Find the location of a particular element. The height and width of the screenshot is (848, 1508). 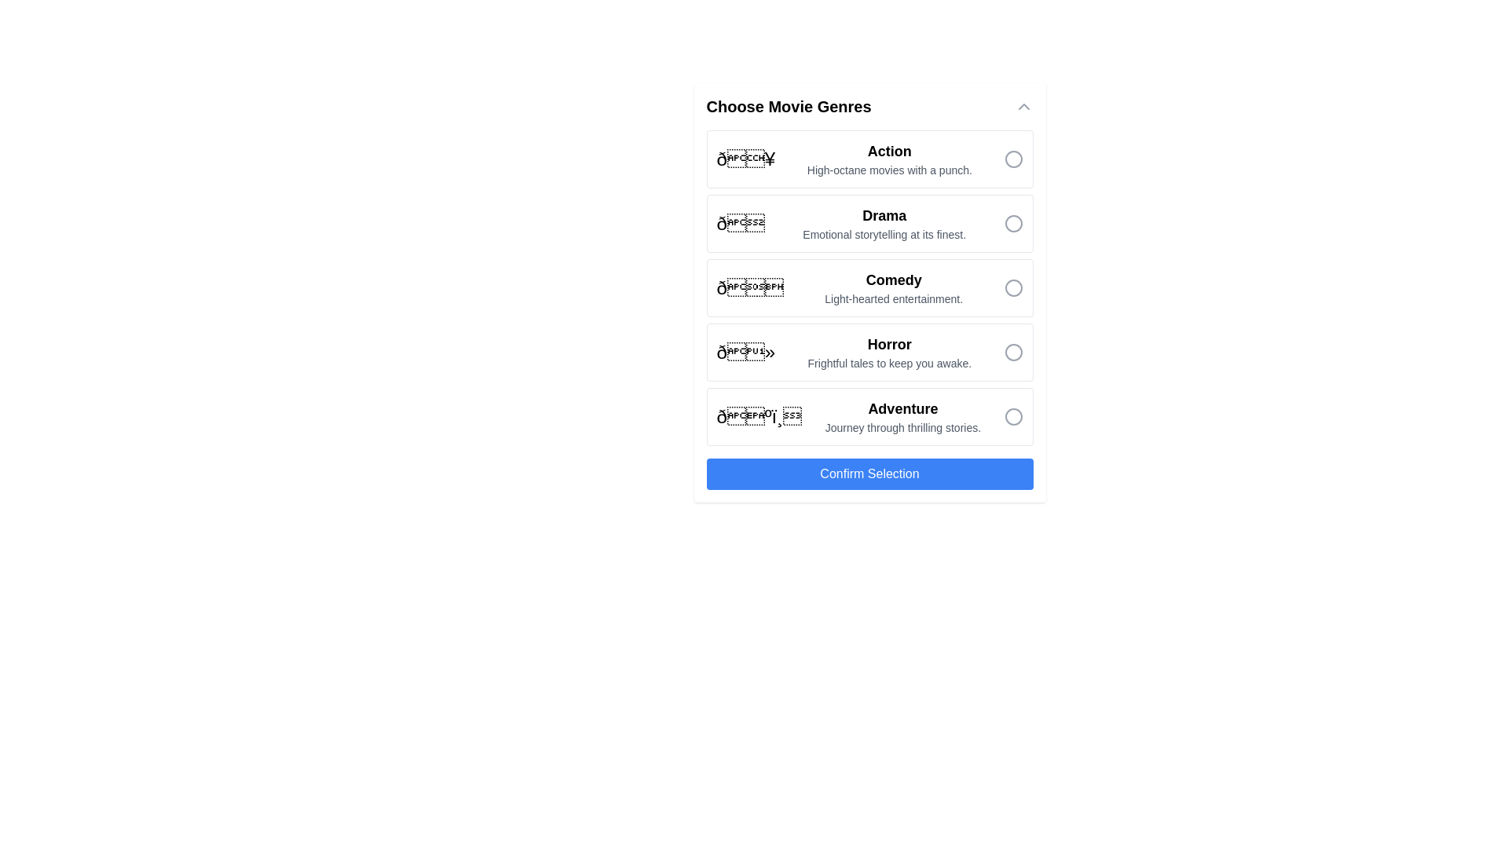

the non-interactive label representing the movie genre 'Comedy', which is located at the top of the third panel in the genre selection interface is located at coordinates (894, 280).